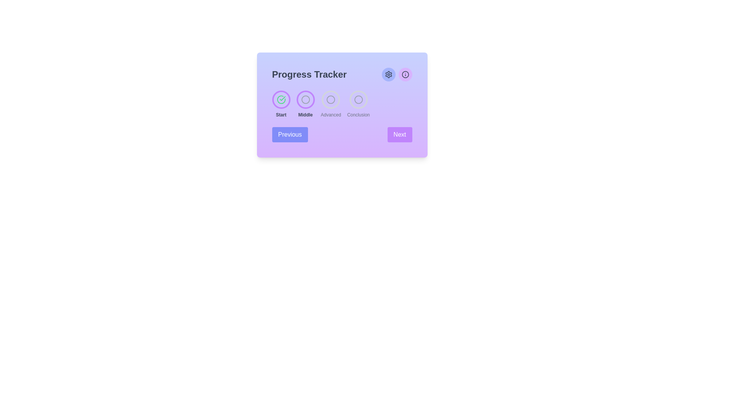  Describe the element at coordinates (289, 134) in the screenshot. I see `the leftmost button below the 'Progress Tracker' section` at that location.